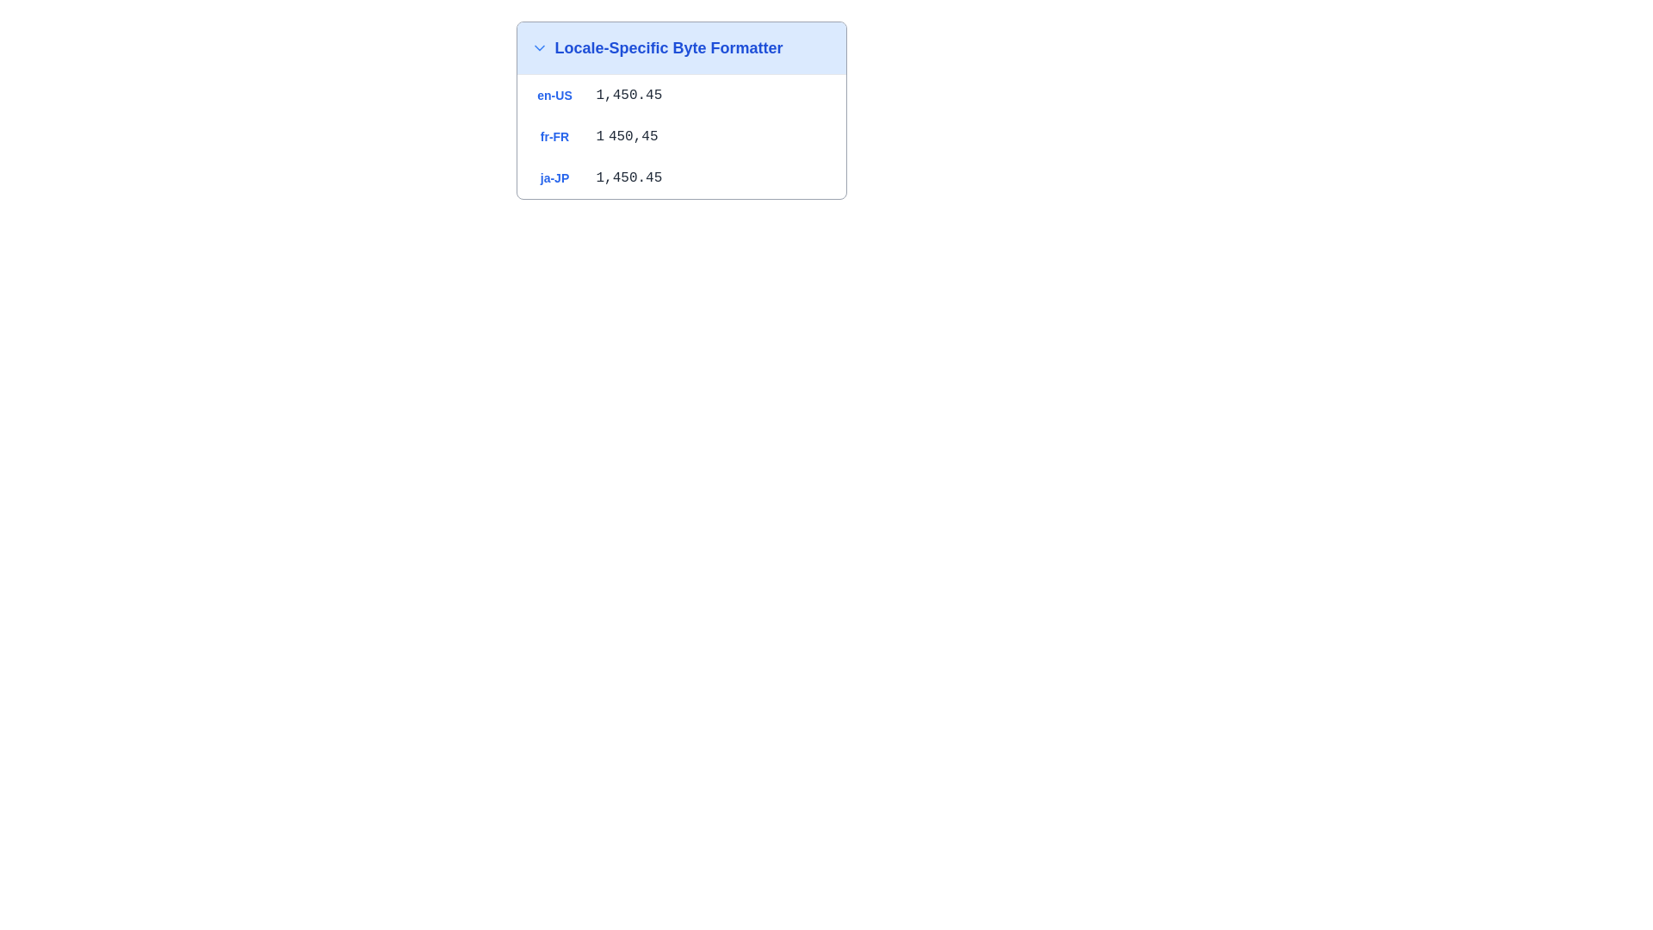  What do you see at coordinates (628, 178) in the screenshot?
I see `displayed value '1,450.45' from the text element styled in gray monospaced font, located in the third row under the 'ja-JP' label` at bounding box center [628, 178].